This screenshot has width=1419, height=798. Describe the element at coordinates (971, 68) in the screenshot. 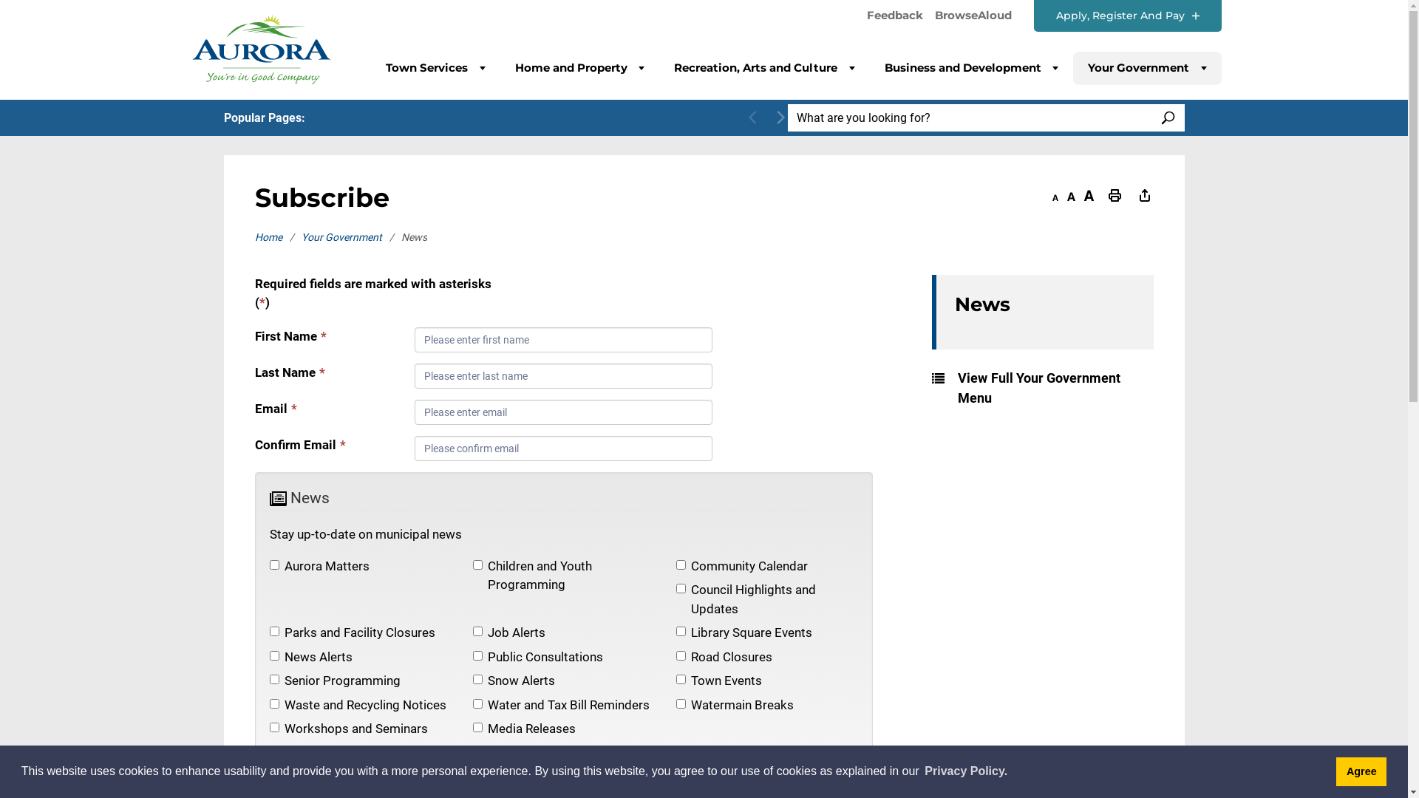

I see `'Business and Development'` at that location.